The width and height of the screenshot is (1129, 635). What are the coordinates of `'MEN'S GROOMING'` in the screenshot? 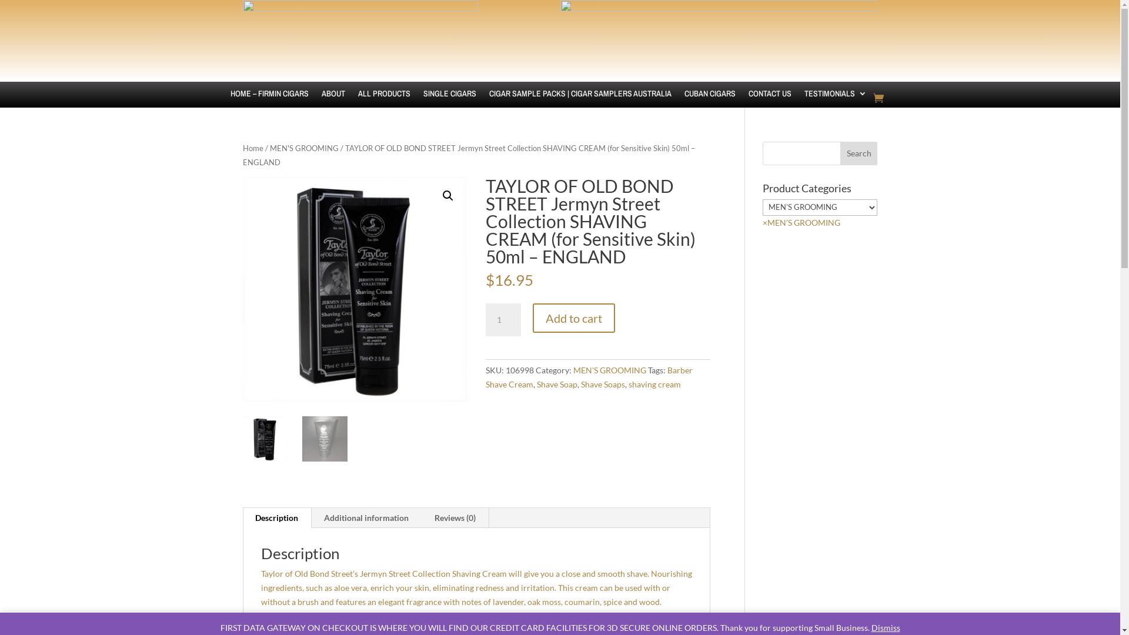 It's located at (303, 147).